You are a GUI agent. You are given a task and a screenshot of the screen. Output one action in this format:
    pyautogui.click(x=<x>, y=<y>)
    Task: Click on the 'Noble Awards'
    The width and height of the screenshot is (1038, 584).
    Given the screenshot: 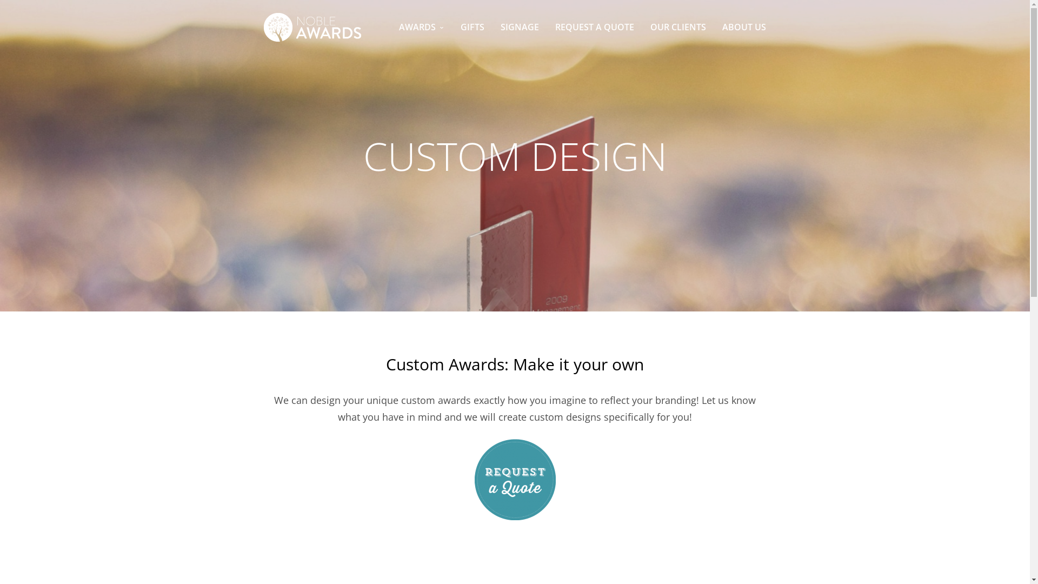 What is the action you would take?
    pyautogui.click(x=311, y=26)
    